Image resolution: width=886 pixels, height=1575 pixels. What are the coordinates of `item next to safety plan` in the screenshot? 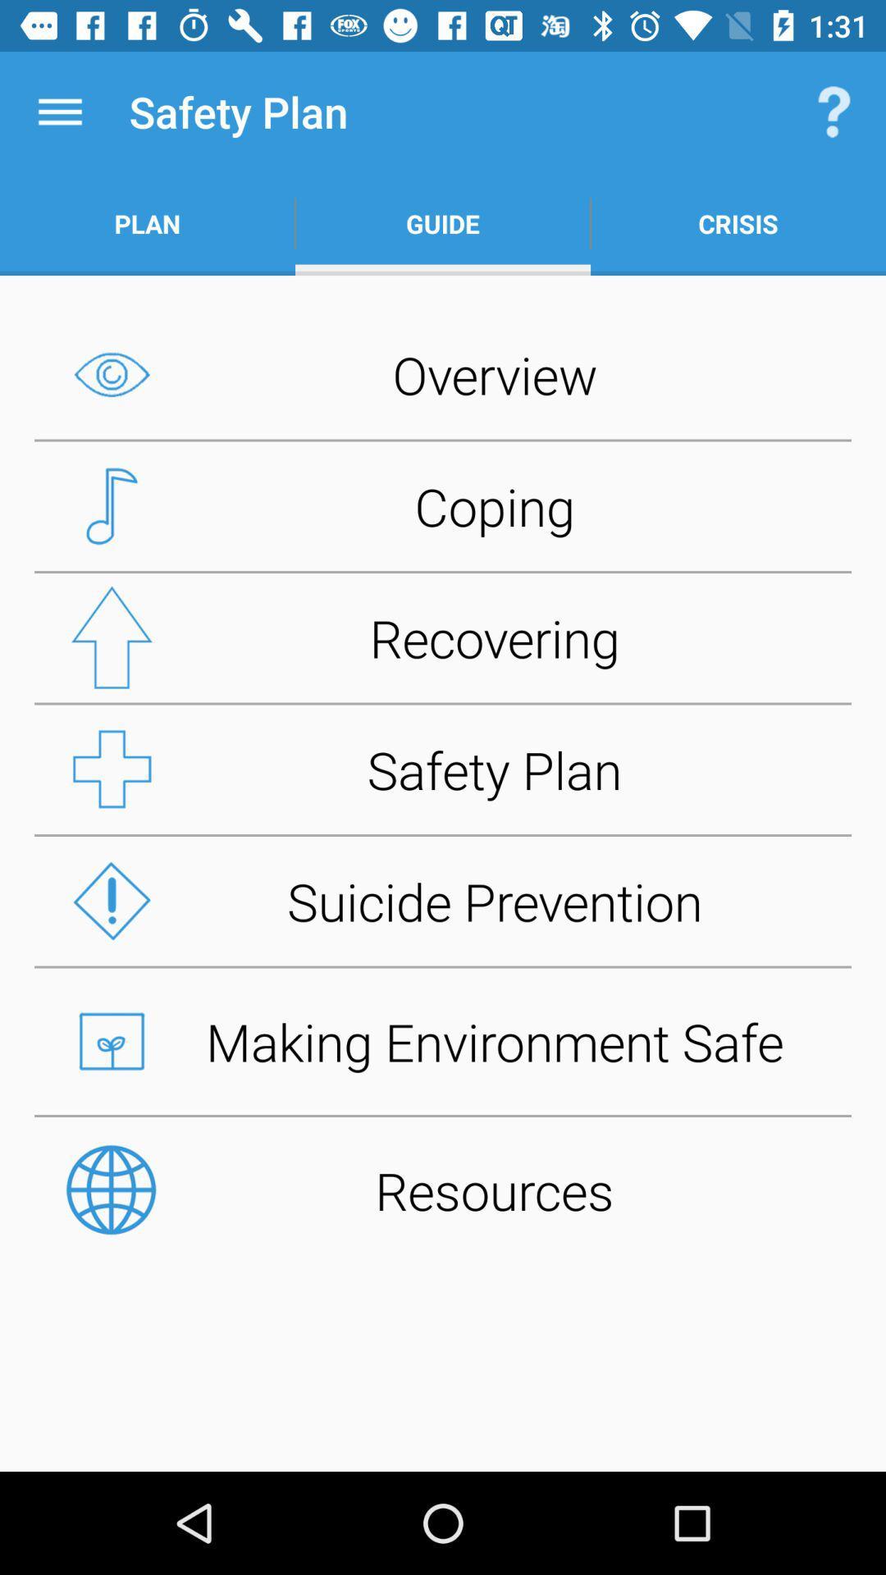 It's located at (59, 111).